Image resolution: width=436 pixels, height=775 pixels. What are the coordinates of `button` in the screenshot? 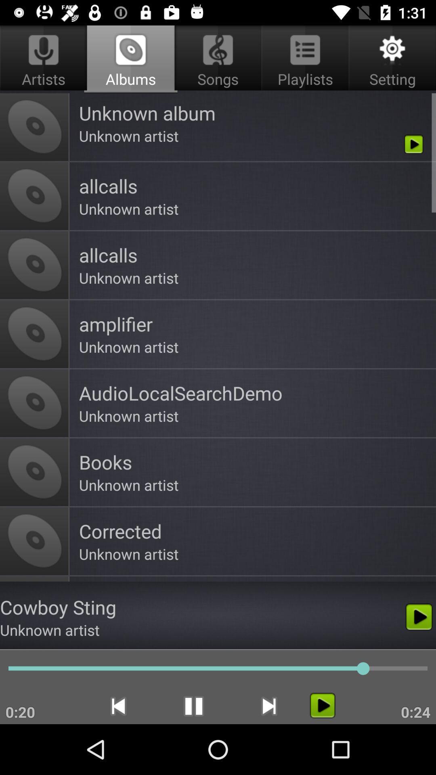 It's located at (322, 705).